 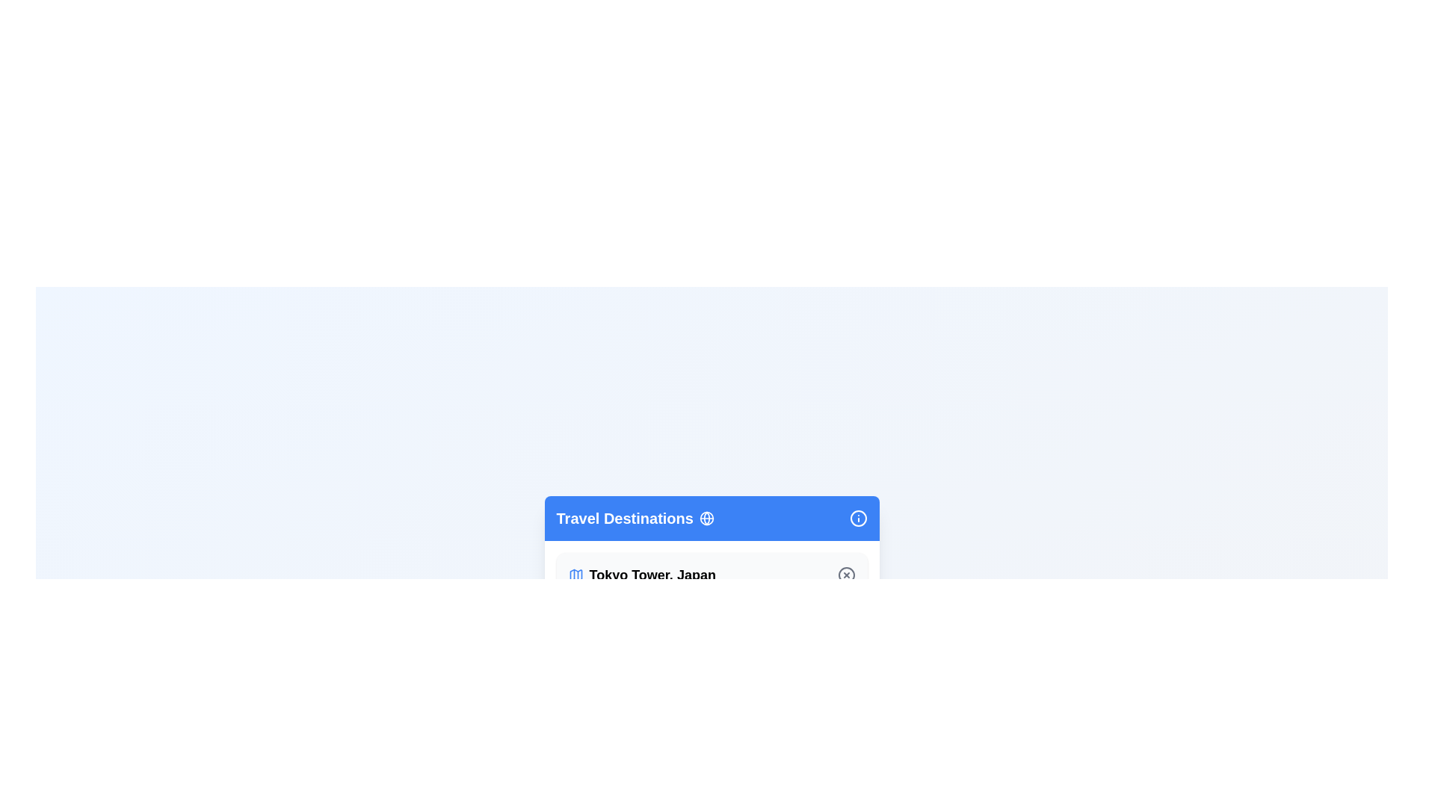 What do you see at coordinates (706, 518) in the screenshot?
I see `the globe icon in the 'Travel Destinations' card, which is positioned to the right of the title 'Travel Destinations.'` at bounding box center [706, 518].